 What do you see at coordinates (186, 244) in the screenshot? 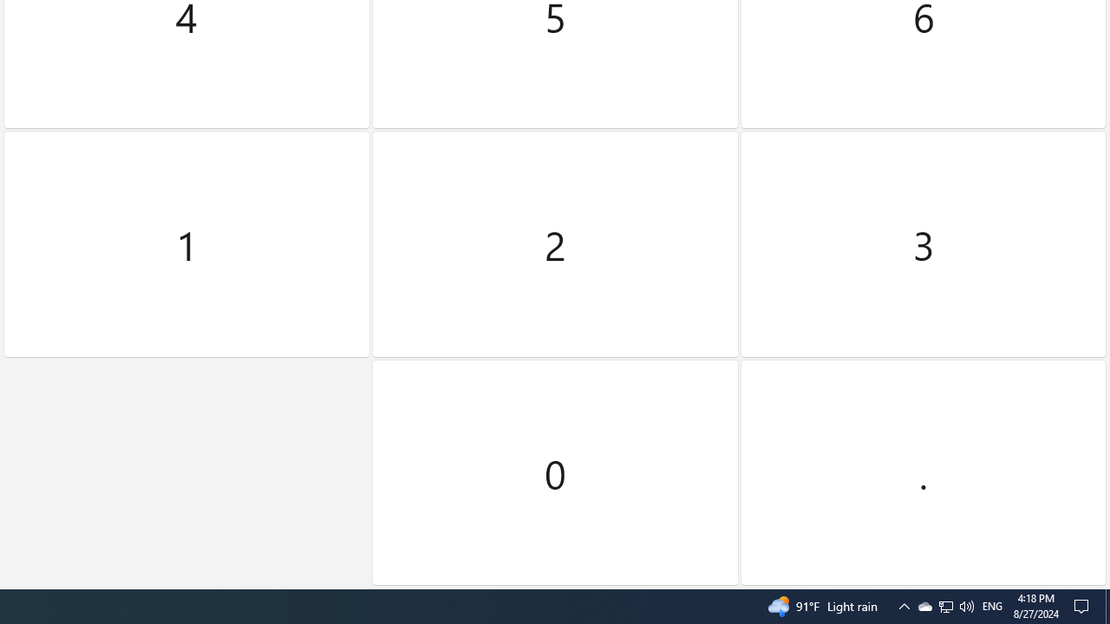
I see `'One'` at bounding box center [186, 244].